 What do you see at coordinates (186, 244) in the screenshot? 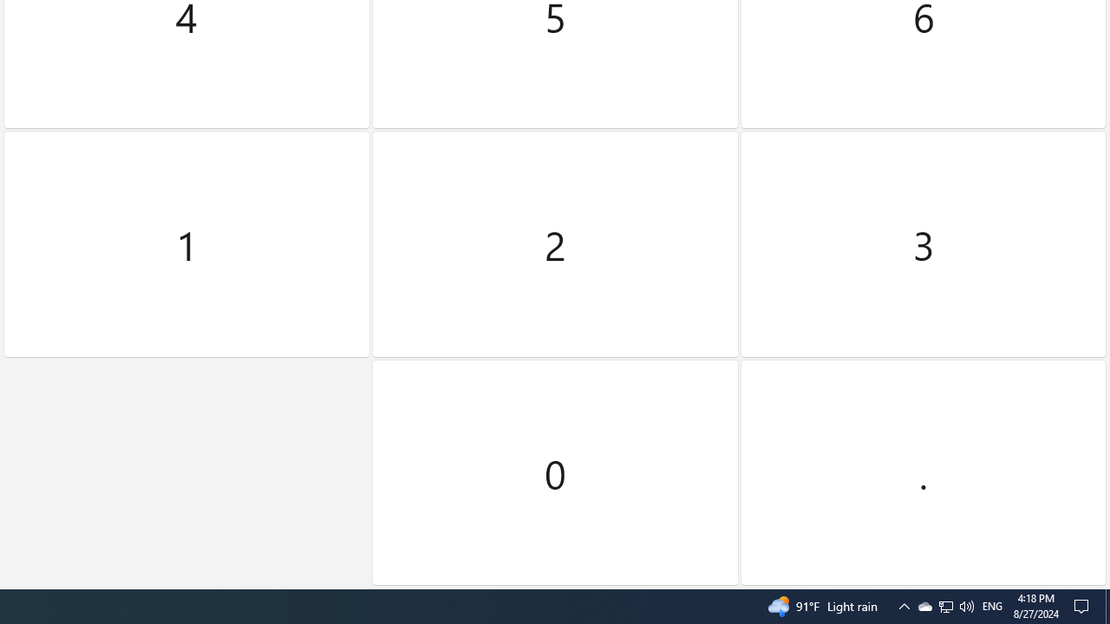
I see `'One'` at bounding box center [186, 244].